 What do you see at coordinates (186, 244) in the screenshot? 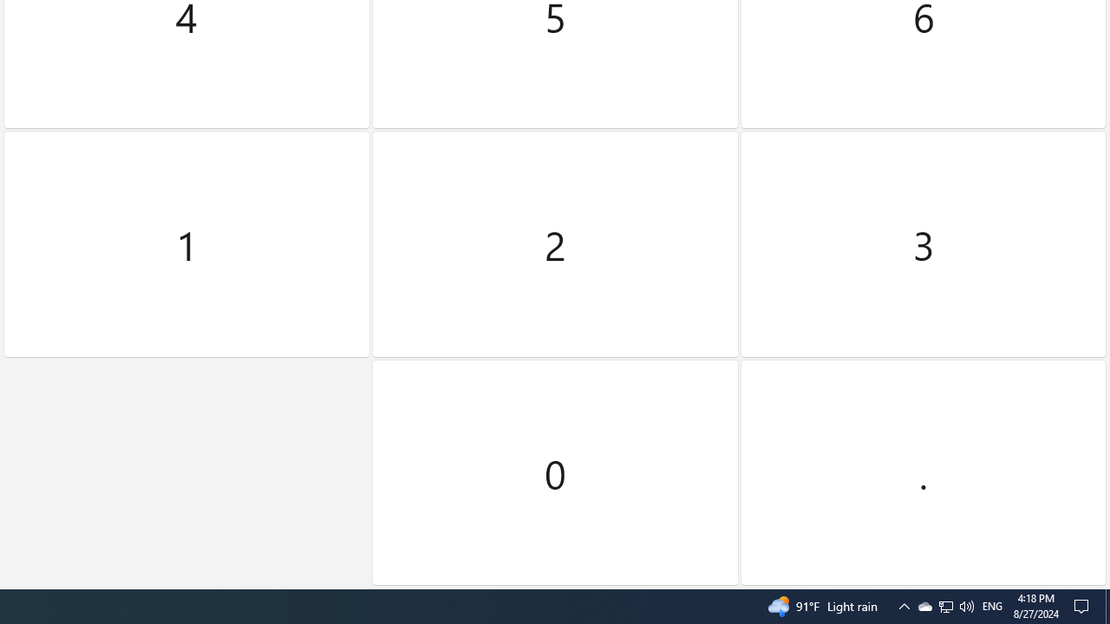
I see `'One'` at bounding box center [186, 244].